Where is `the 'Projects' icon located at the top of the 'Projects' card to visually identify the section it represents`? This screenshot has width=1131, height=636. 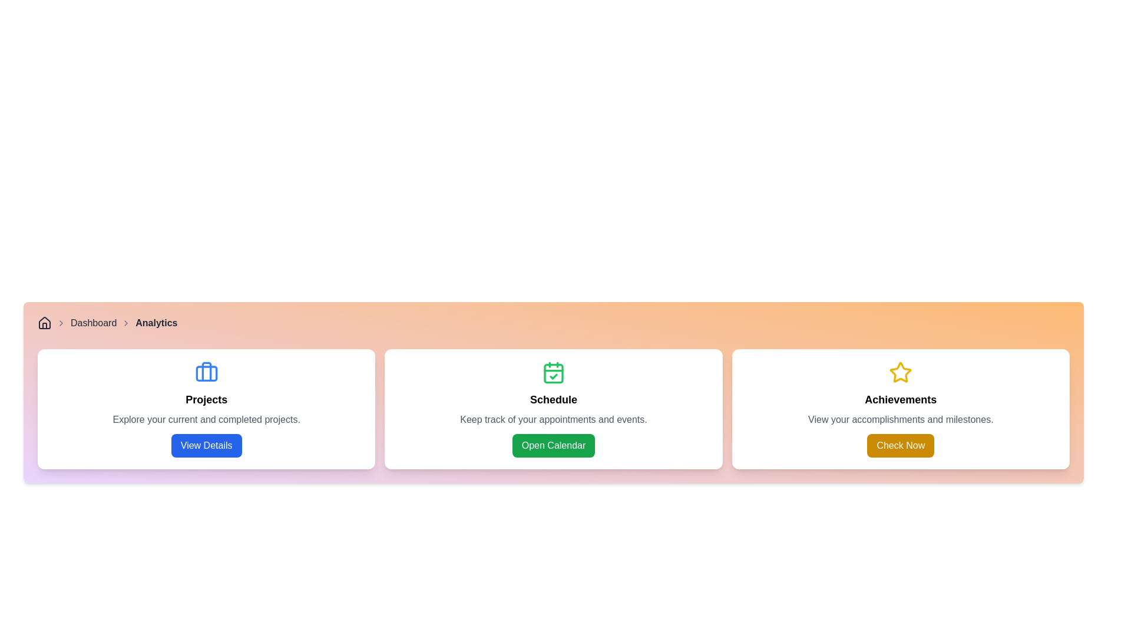 the 'Projects' icon located at the top of the 'Projects' card to visually identify the section it represents is located at coordinates (206, 372).